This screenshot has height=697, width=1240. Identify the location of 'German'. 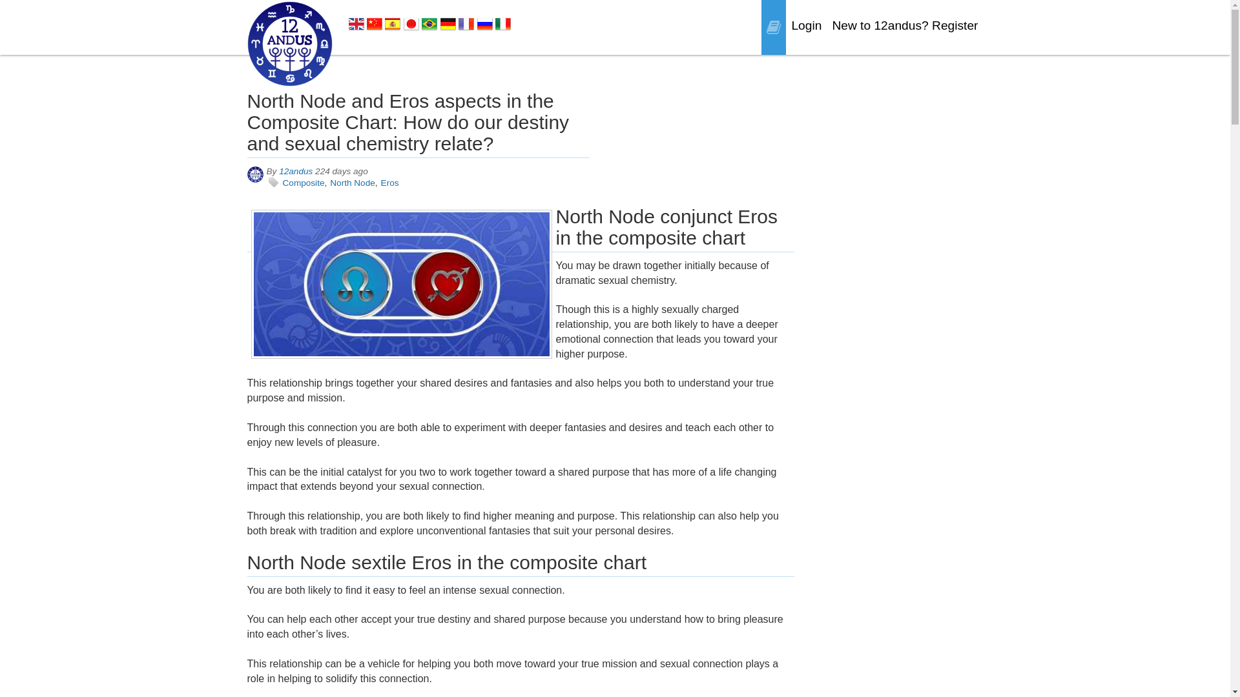
(440, 24).